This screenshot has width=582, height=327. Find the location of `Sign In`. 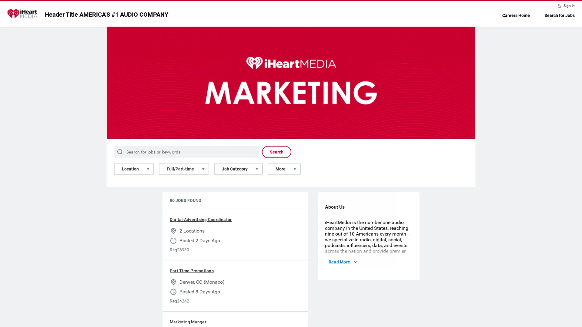

Sign In is located at coordinates (565, 5).